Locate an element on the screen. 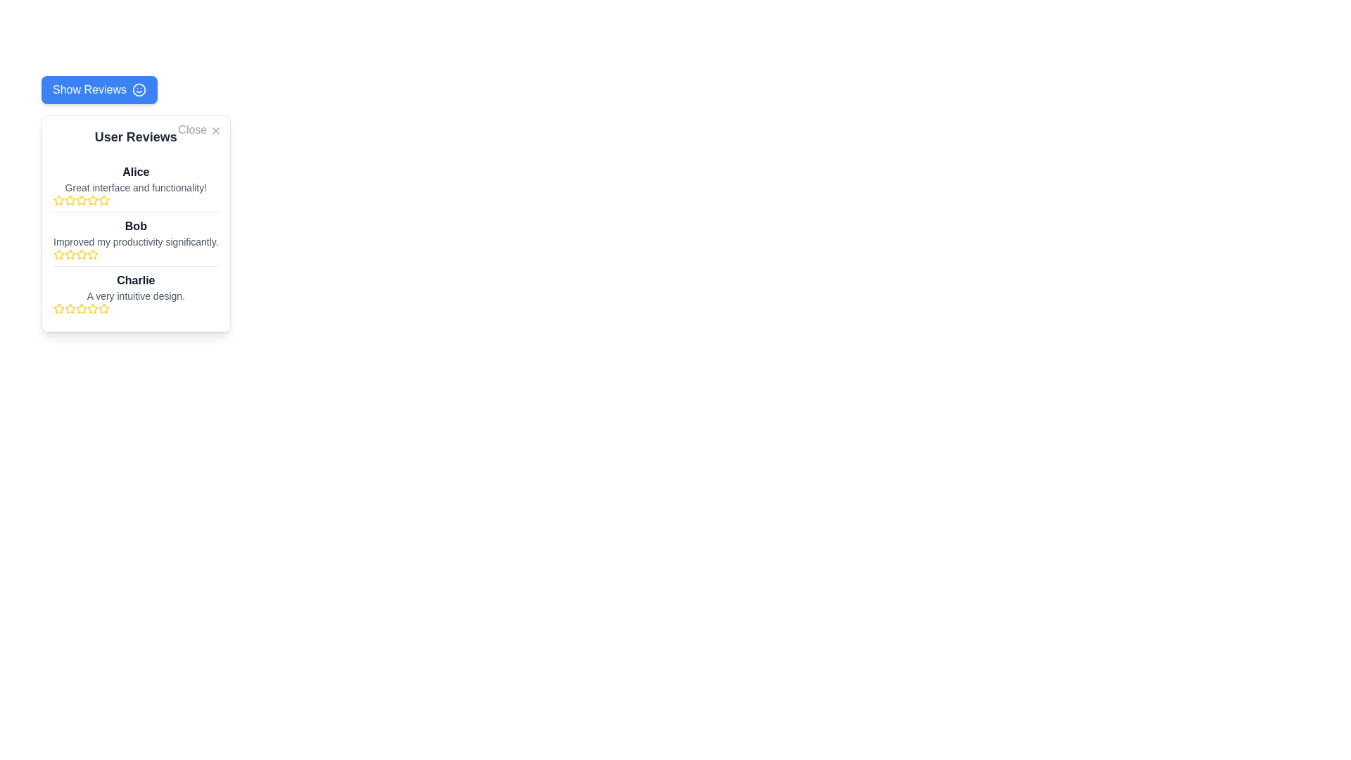  the text label providing qualitative feedback associated with user 'Alice' in the 'User Reviews' dialog box, which is positioned below 'Alice' and above the star rating row is located at coordinates (136, 186).